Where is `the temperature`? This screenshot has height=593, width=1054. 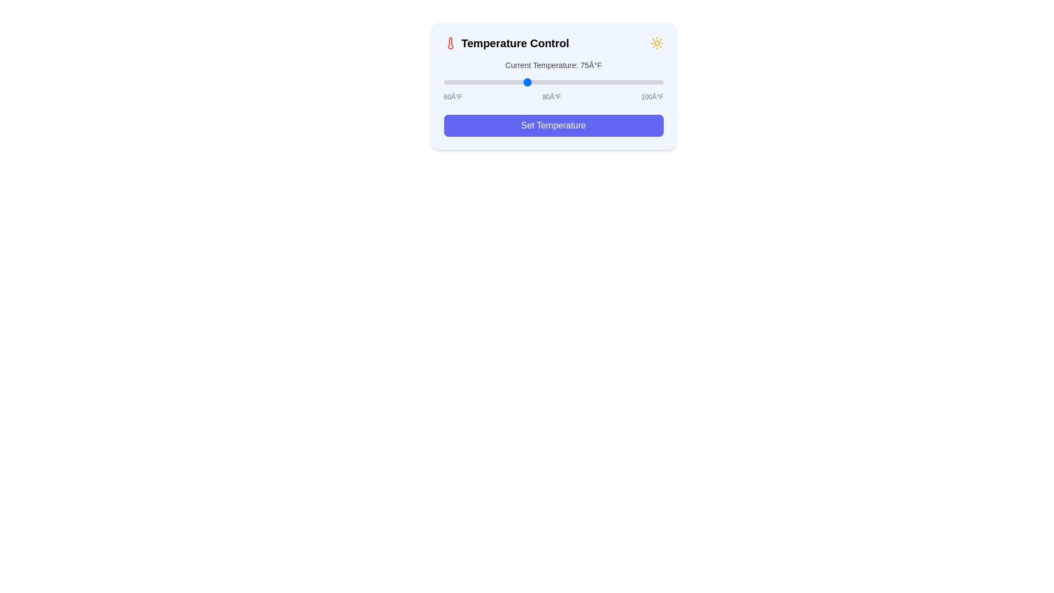 the temperature is located at coordinates (658, 82).